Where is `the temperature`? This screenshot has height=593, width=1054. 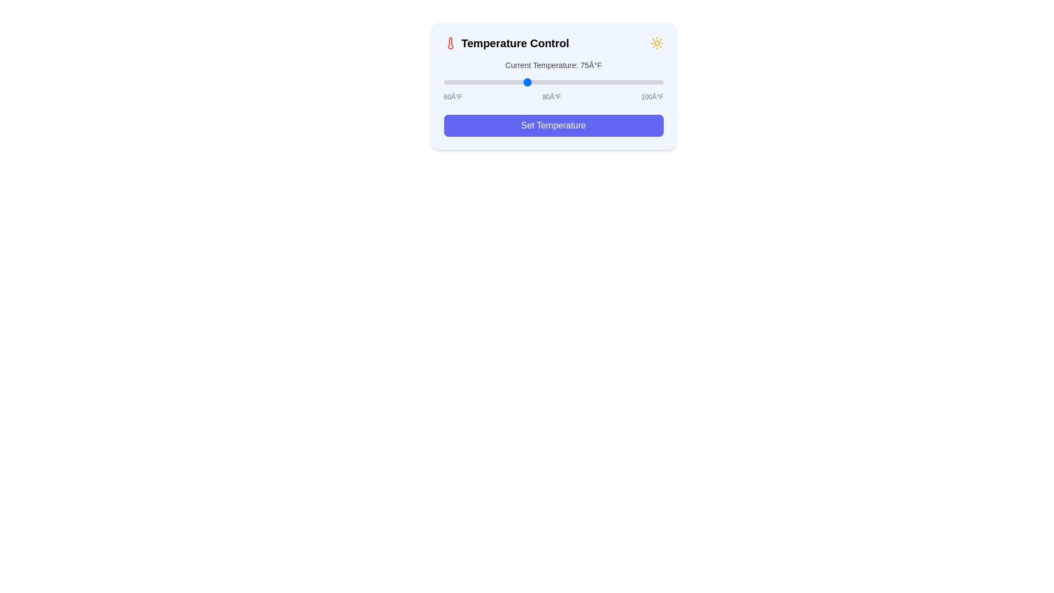 the temperature is located at coordinates (658, 82).